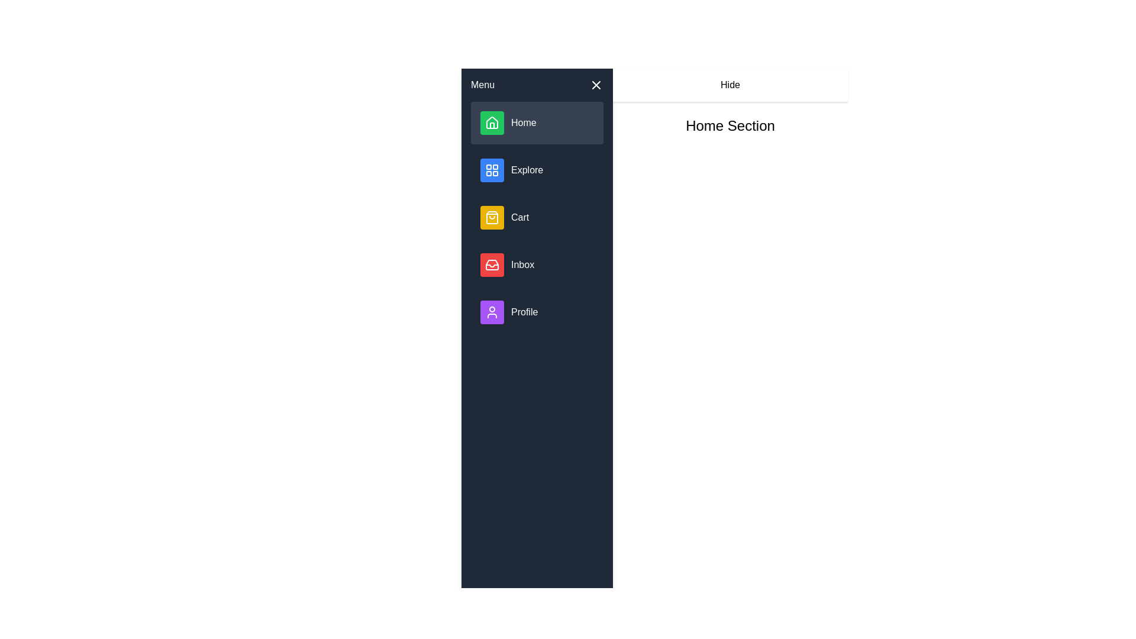 The width and height of the screenshot is (1136, 639). What do you see at coordinates (730, 125) in the screenshot?
I see `text of the heading labeled 'Home Section', which is located below the 'Hide' text in the central section of the interface` at bounding box center [730, 125].